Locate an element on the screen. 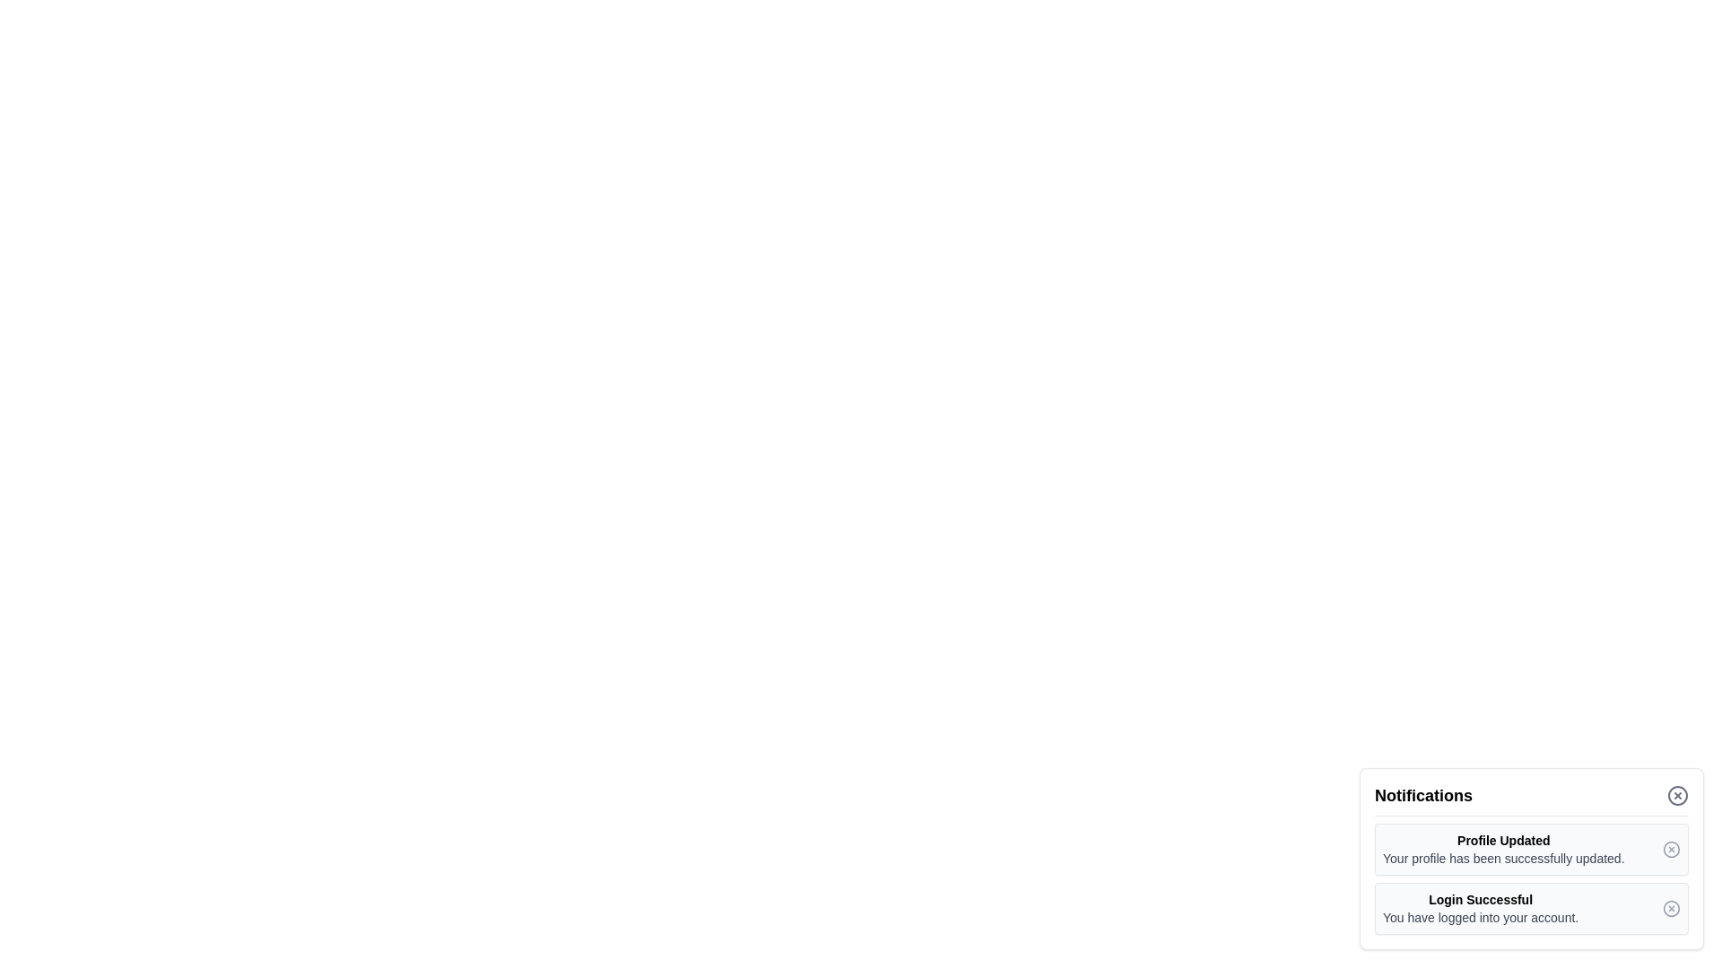  the circular close button icon located at the top-right corner of the Notifications panel to initiate the close action is located at coordinates (1677, 794).